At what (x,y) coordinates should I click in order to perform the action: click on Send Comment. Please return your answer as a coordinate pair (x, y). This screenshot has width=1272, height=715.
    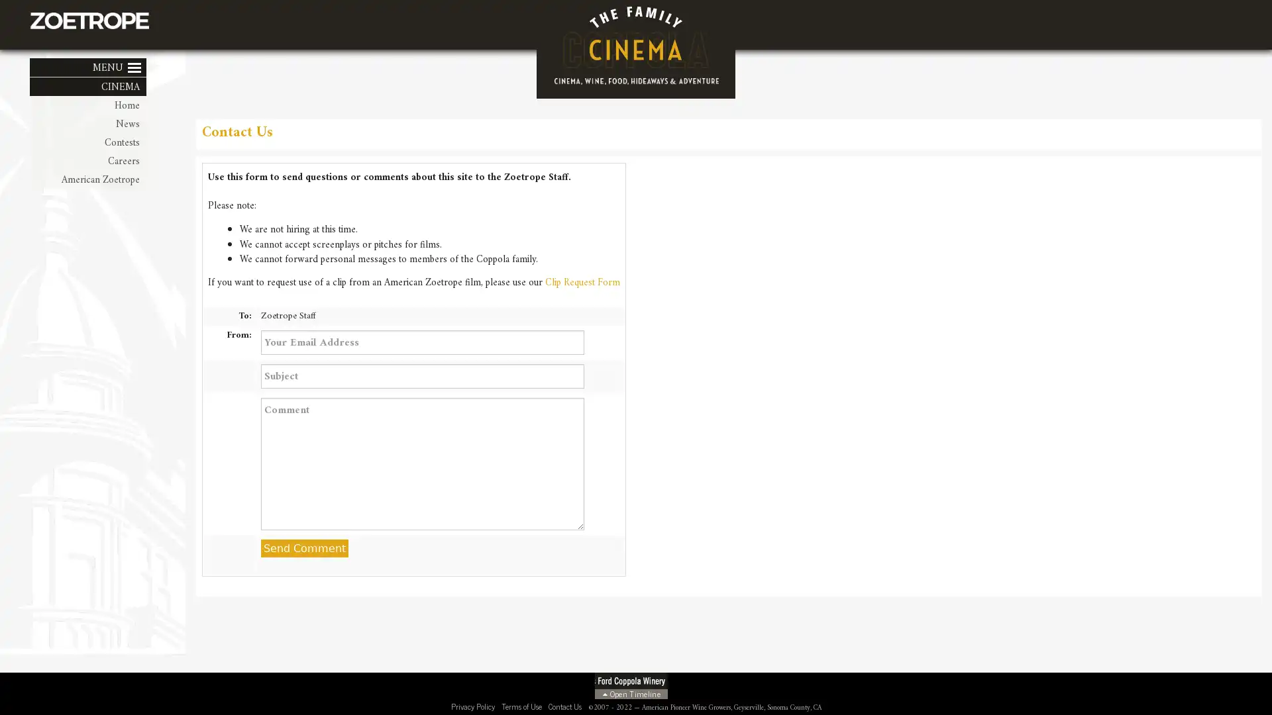
    Looking at the image, I should click on (303, 548).